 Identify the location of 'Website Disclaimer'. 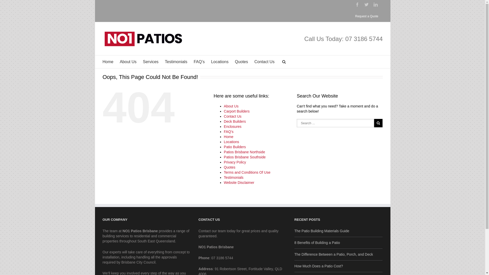
(239, 182).